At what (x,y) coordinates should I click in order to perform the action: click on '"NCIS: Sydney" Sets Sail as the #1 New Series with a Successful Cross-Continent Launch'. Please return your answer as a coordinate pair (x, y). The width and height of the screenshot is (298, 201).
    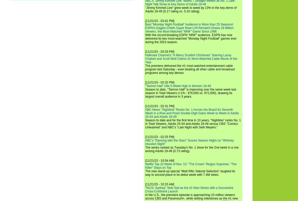
    Looking at the image, I should click on (189, 189).